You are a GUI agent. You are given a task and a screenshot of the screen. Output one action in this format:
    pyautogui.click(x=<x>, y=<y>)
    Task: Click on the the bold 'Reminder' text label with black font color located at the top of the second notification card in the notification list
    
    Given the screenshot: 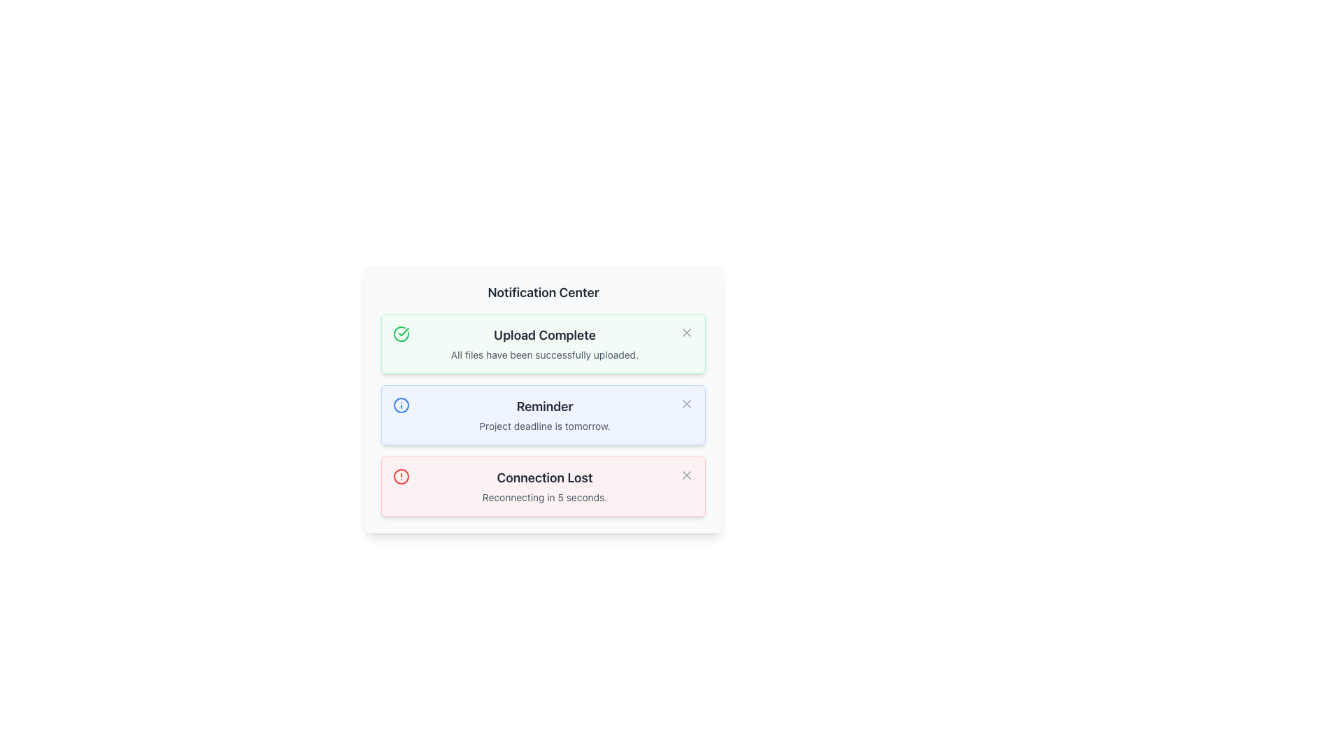 What is the action you would take?
    pyautogui.click(x=543, y=407)
    